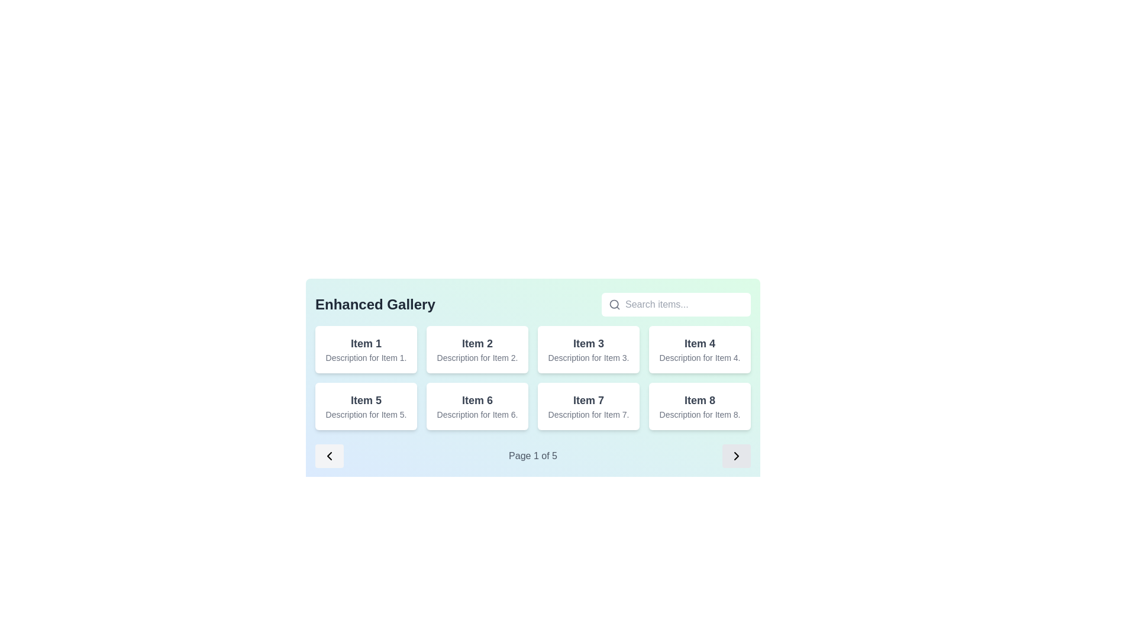 Image resolution: width=1136 pixels, height=639 pixels. Describe the element at coordinates (477, 414) in the screenshot. I see `gray text label displaying 'Description for Item 6.' located directly beneath the bold label 'Item 6' within the card design in the second row, third column of the grid layout` at that location.